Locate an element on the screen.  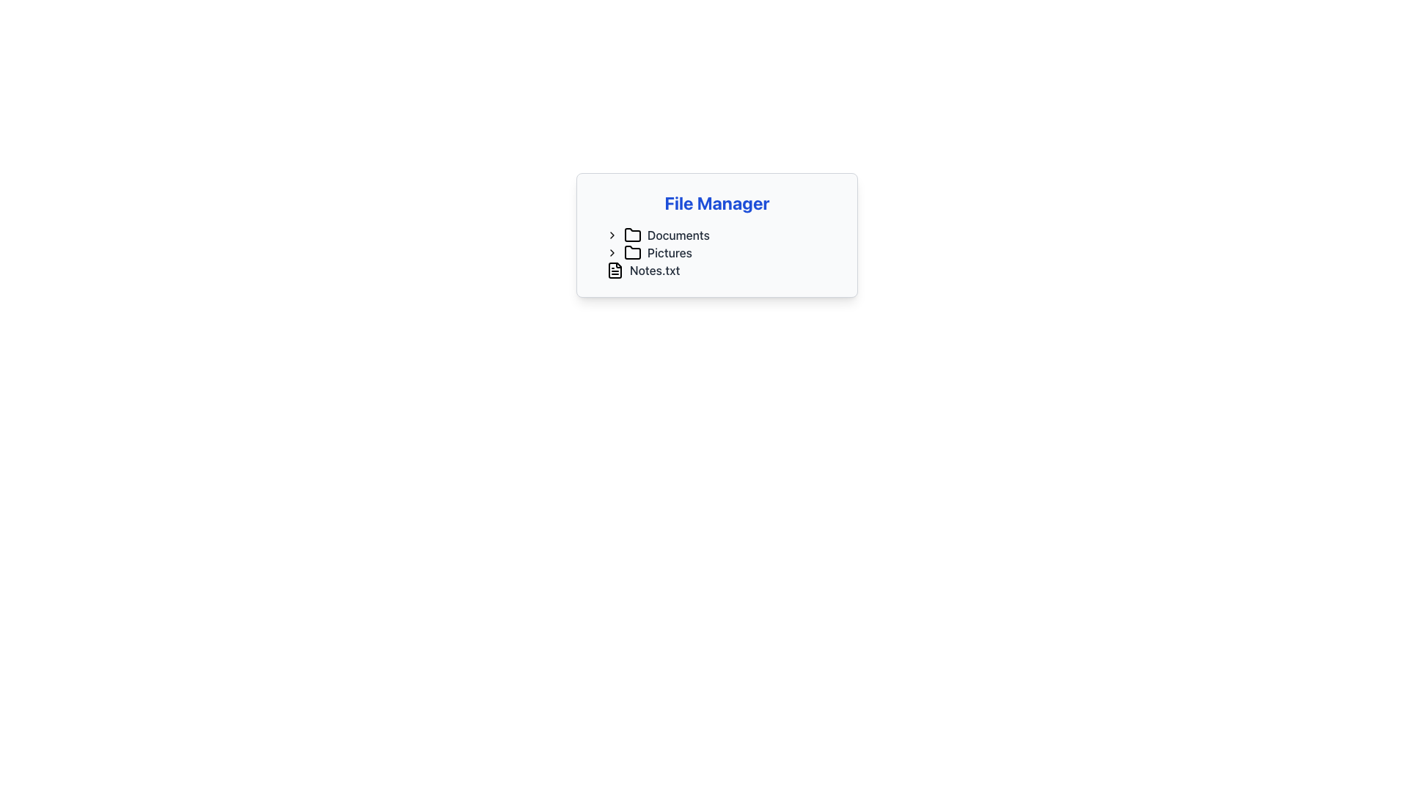
the rightward chevron icon next to the 'Pictures' label in the file manager interface is located at coordinates (612, 252).